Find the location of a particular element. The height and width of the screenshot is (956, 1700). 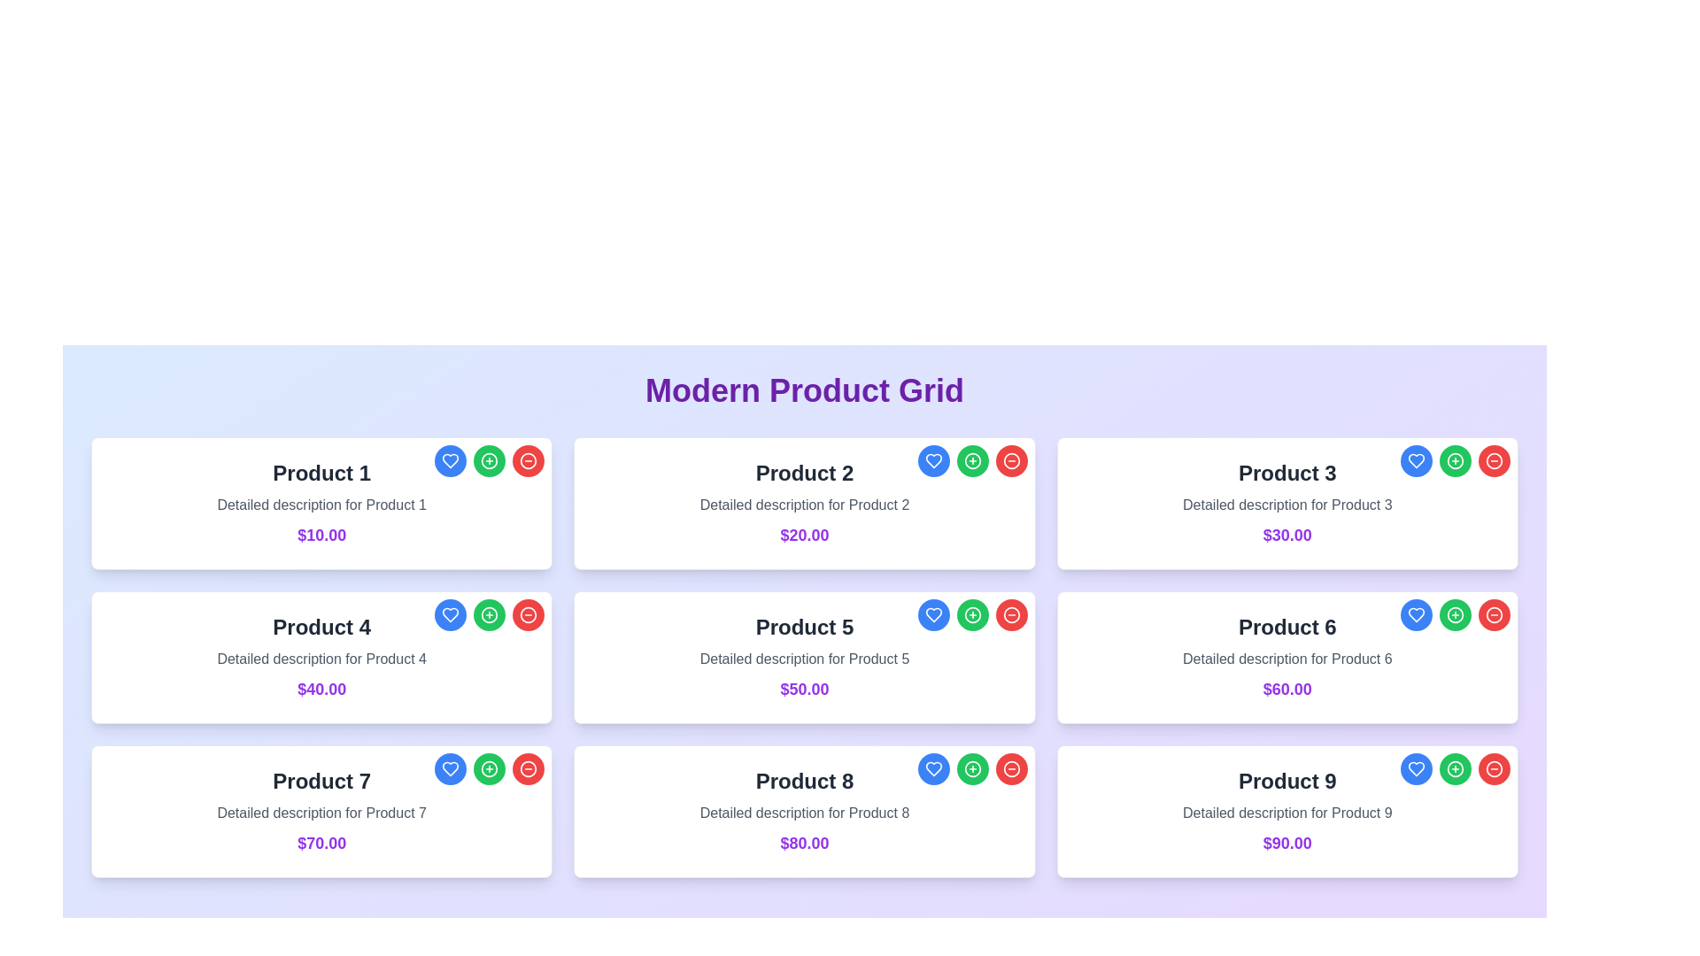

text from the Text Label displaying 'Product 9', which is styled with a large, bold font and is located within a card layout in the 3x3 grid is located at coordinates (1287, 781).